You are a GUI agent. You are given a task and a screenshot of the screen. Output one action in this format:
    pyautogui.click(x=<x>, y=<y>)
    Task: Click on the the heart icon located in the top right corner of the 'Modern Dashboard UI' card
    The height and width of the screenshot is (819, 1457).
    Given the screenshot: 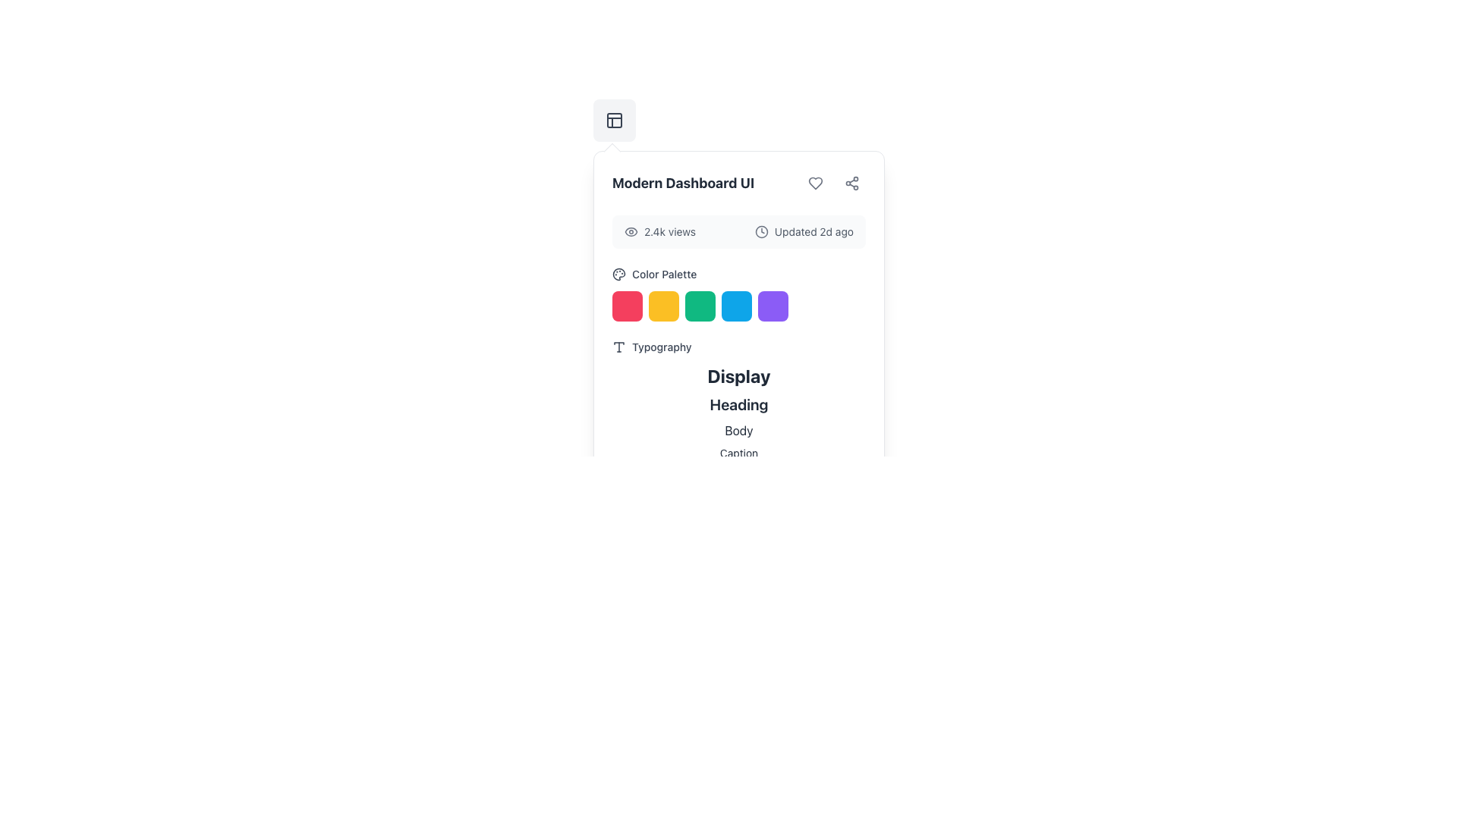 What is the action you would take?
    pyautogui.click(x=815, y=183)
    